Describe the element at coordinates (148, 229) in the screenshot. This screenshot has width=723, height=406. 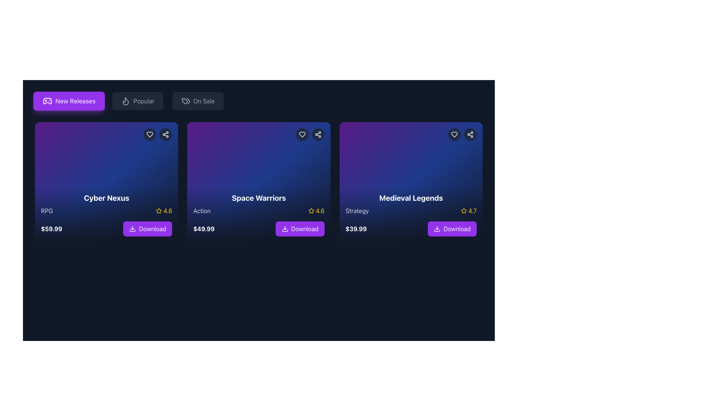
I see `the 'Download' button with a purple background and rounded edges located at the bottom of the 'Cyber Nexus' card to initiate the download` at that location.